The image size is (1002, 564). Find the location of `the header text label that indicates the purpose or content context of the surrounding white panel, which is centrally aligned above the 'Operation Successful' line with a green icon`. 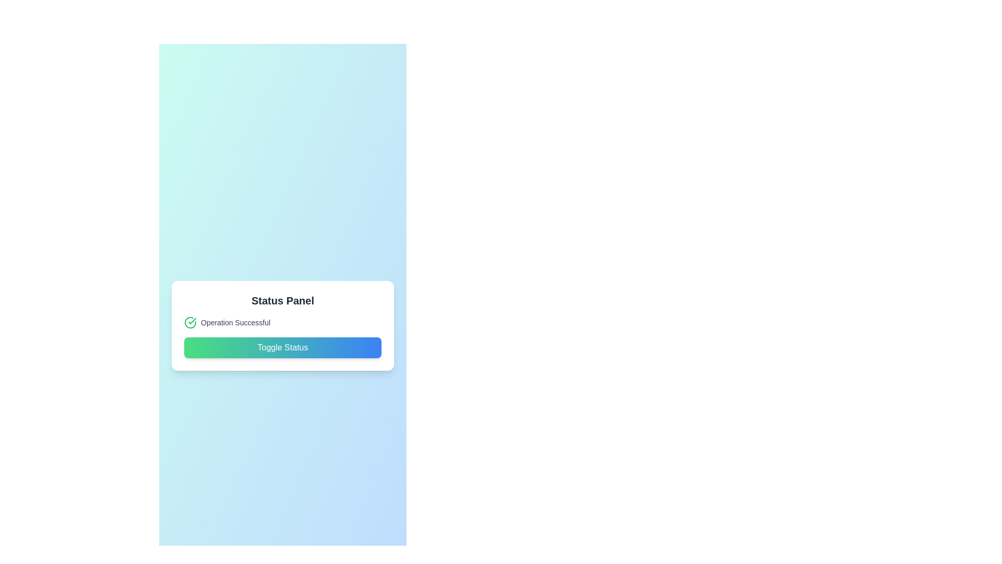

the header text label that indicates the purpose or content context of the surrounding white panel, which is centrally aligned above the 'Operation Successful' line with a green icon is located at coordinates (283, 300).